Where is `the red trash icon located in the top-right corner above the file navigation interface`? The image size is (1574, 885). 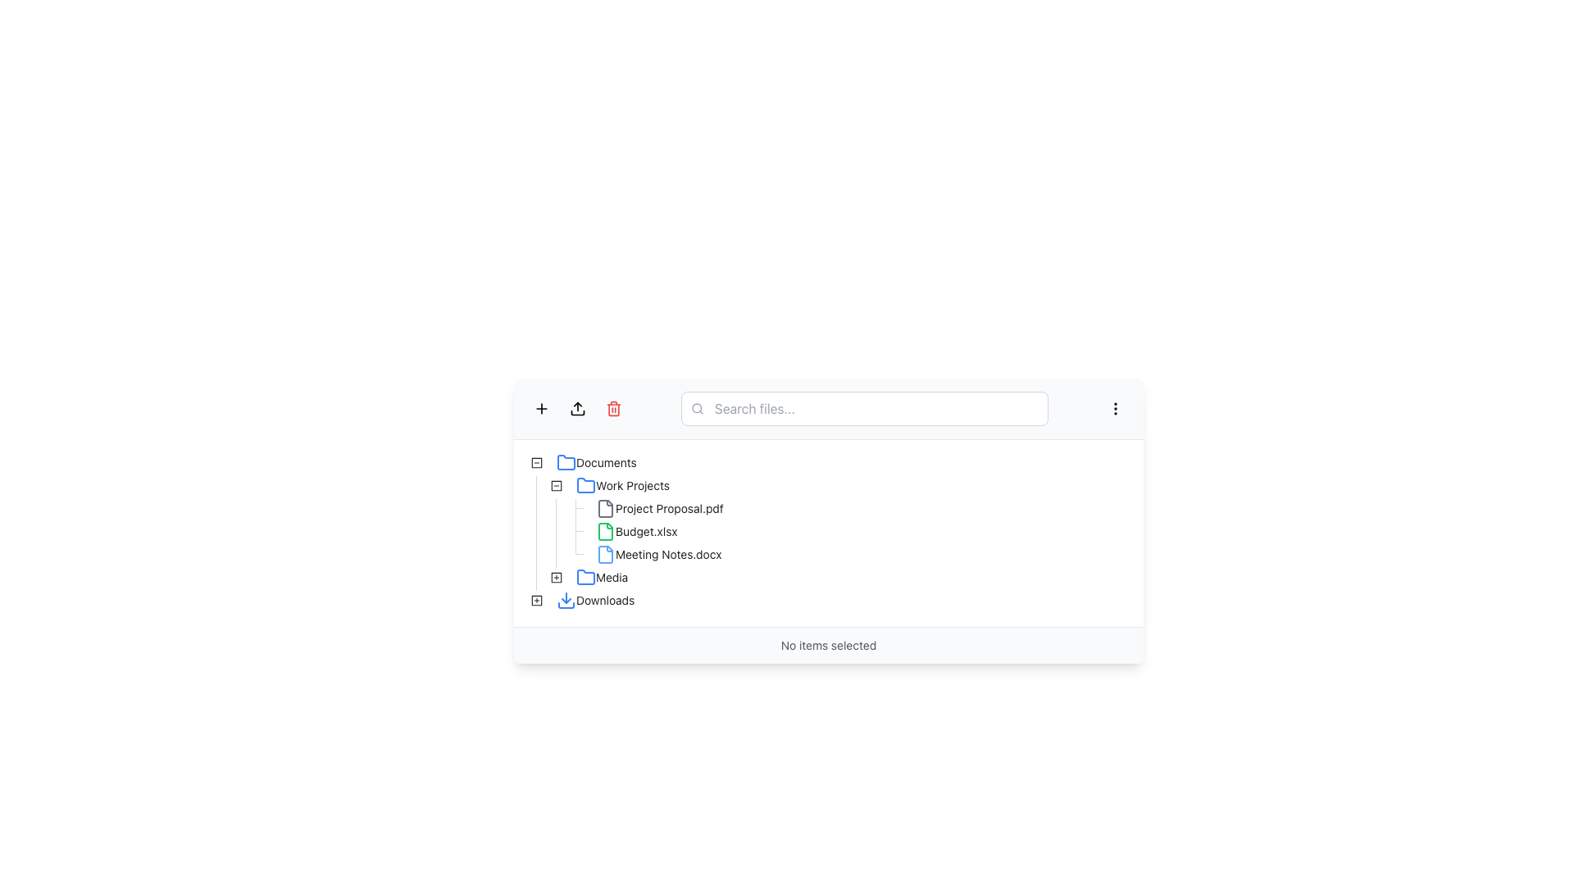 the red trash icon located in the top-right corner above the file navigation interface is located at coordinates (612, 407).